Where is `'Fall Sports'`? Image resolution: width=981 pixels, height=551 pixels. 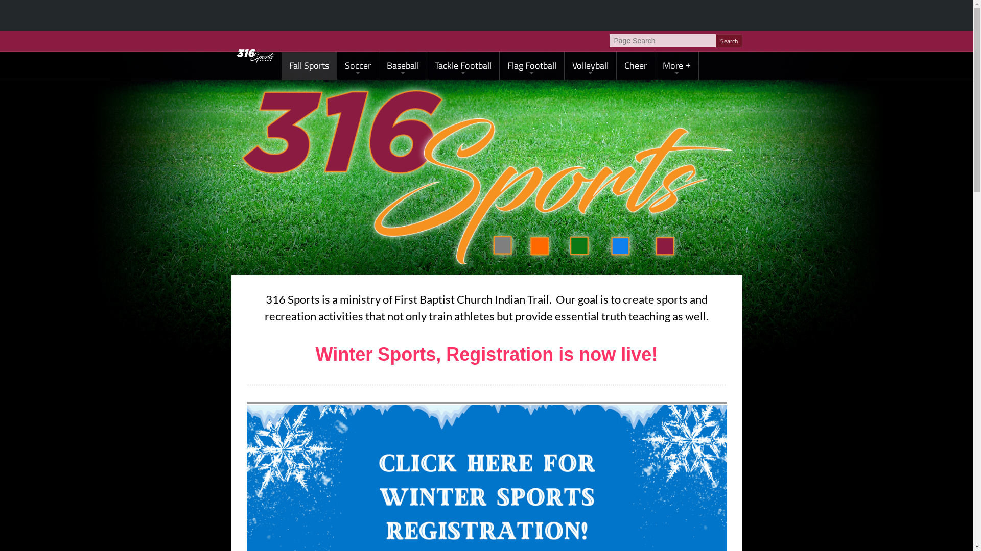 'Fall Sports' is located at coordinates (308, 65).